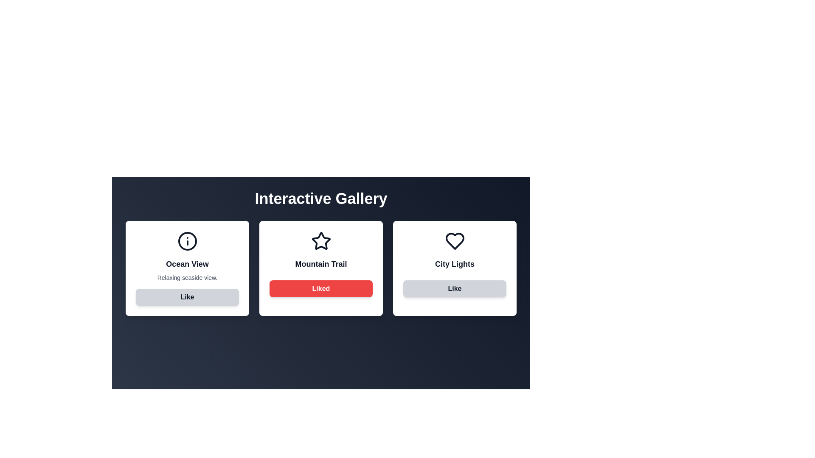 This screenshot has width=815, height=458. Describe the element at coordinates (187, 278) in the screenshot. I see `the text label displaying 'Relaxing seaside view.' which is styled in gray and positioned below 'Ocean View' and above the 'Like' button` at that location.